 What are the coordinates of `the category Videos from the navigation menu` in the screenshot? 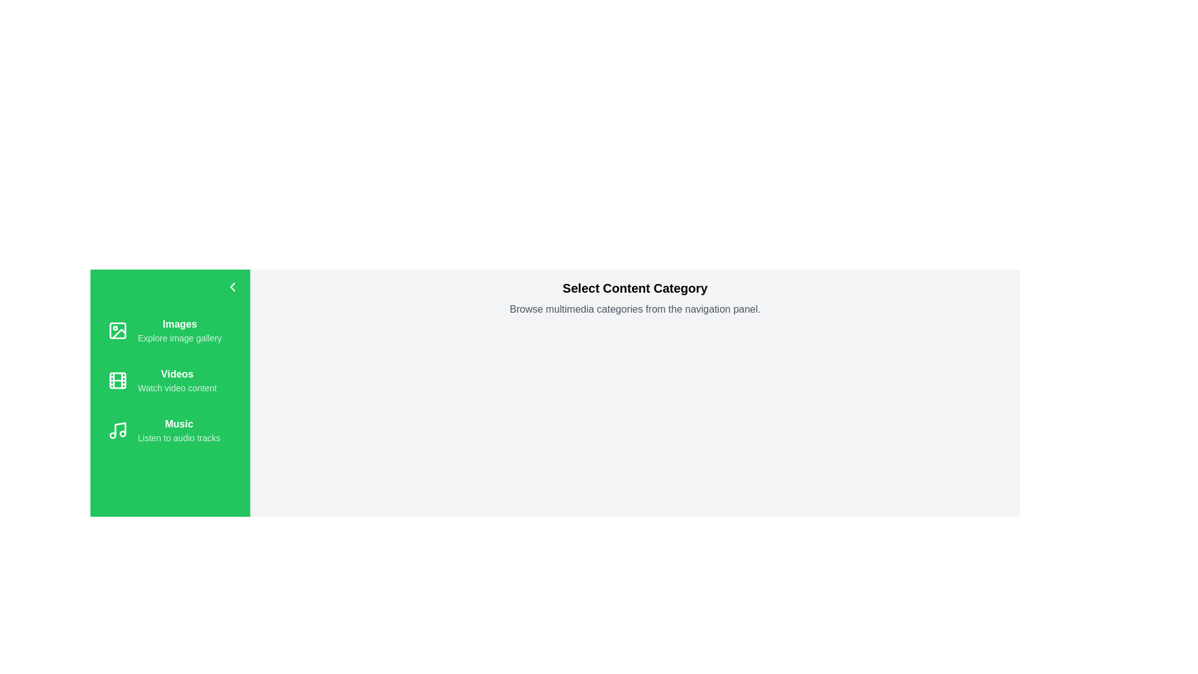 It's located at (170, 379).